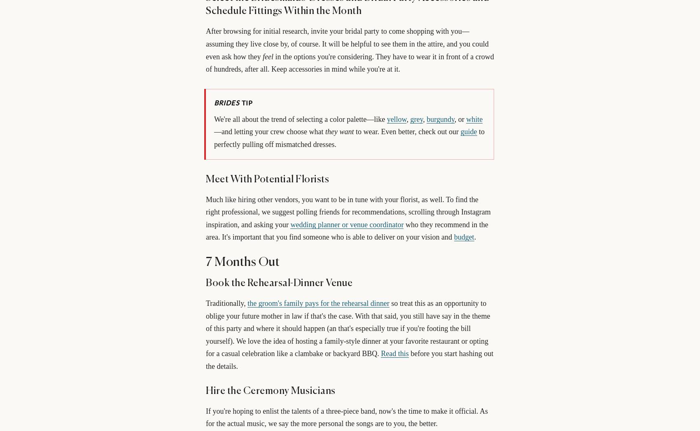 The image size is (700, 431). What do you see at coordinates (348, 328) in the screenshot?
I see `'so treat this as an opportunity to oblige your future mother in law if that's the case. With that said, you still have say in the theme of this party and where it should happen (an that's especially true if you're footing the bill yourself). We love the idea of hosting a family-style dinner at your favorite restaurant or opting for a casual celebration like a clambake or backyard BBQ.'` at bounding box center [348, 328].